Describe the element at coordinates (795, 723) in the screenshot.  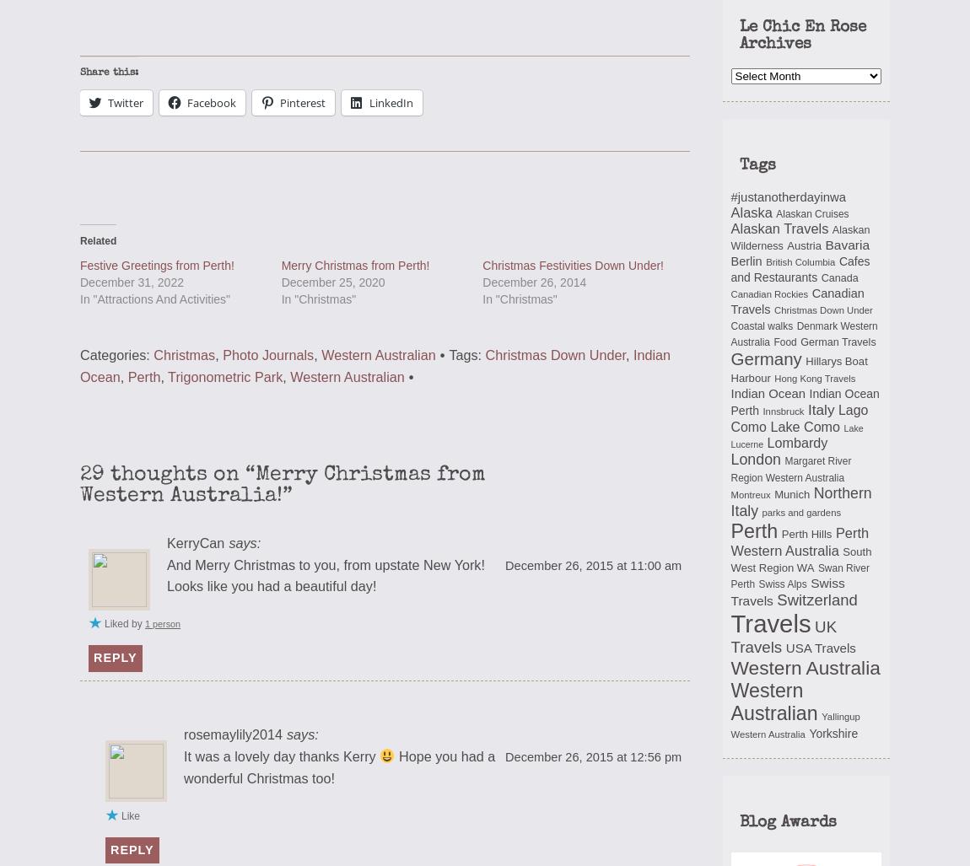
I see `'Yallingup Western Australia'` at that location.